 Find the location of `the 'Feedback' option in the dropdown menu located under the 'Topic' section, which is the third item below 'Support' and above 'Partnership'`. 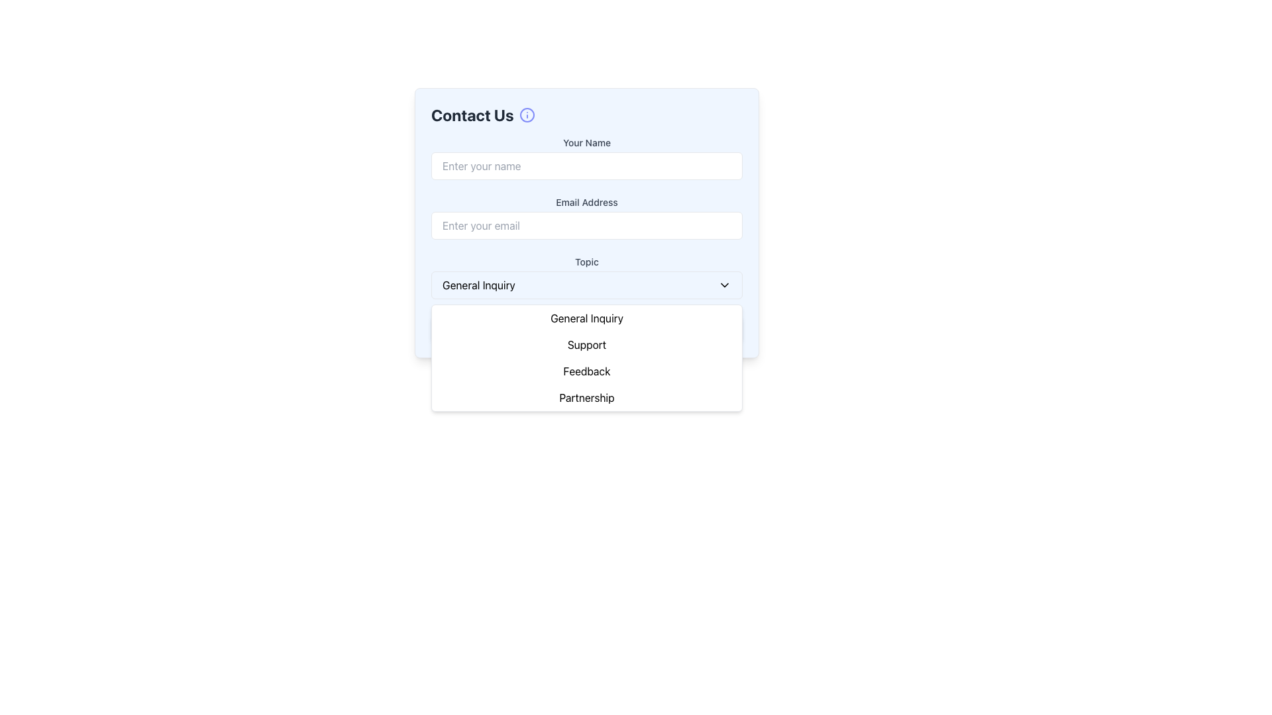

the 'Feedback' option in the dropdown menu located under the 'Topic' section, which is the third item below 'Support' and above 'Partnership' is located at coordinates (586, 371).